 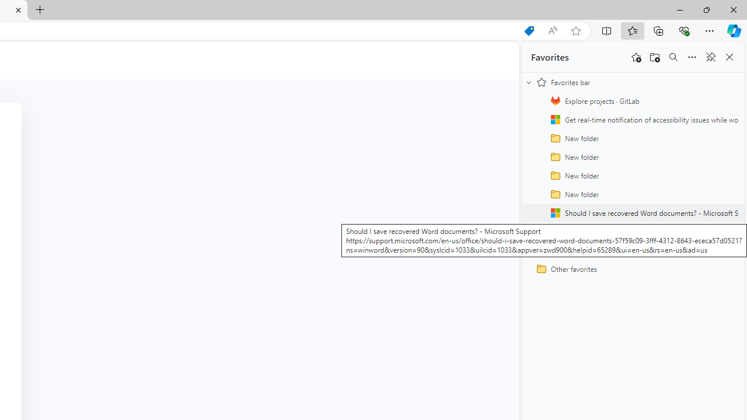 I want to click on 'Unpin favorites', so click(x=710, y=57).